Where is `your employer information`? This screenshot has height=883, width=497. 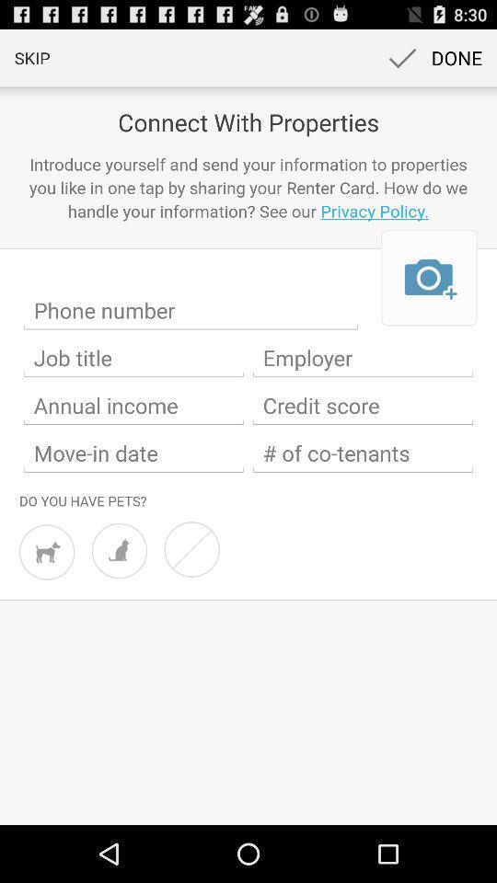
your employer information is located at coordinates (363, 357).